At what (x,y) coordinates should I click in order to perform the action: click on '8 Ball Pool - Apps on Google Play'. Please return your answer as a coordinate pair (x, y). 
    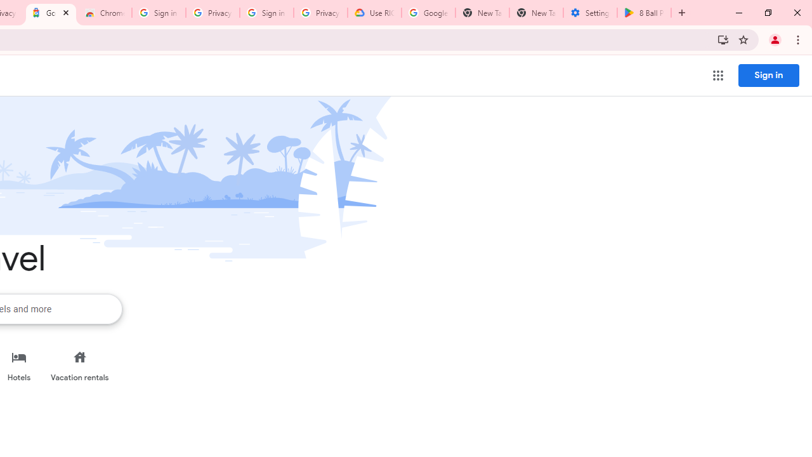
    Looking at the image, I should click on (644, 13).